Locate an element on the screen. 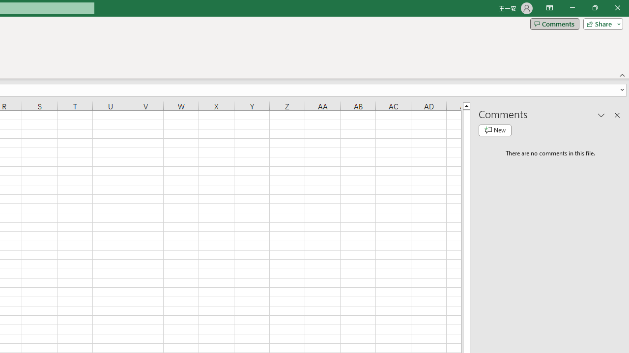 This screenshot has width=629, height=353. 'New comment' is located at coordinates (495, 130).